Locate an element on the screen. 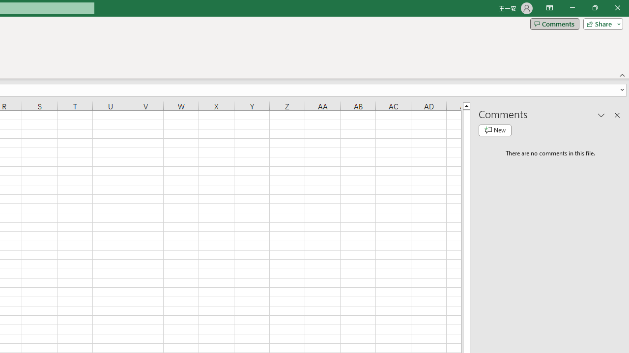 This screenshot has width=629, height=353. 'New comment' is located at coordinates (495, 130).